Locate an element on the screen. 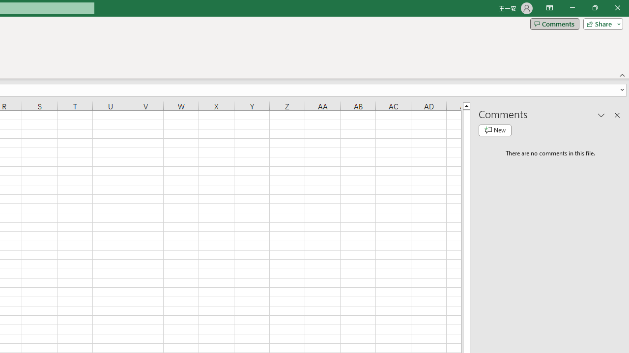 This screenshot has width=629, height=353. 'New comment' is located at coordinates (495, 130).